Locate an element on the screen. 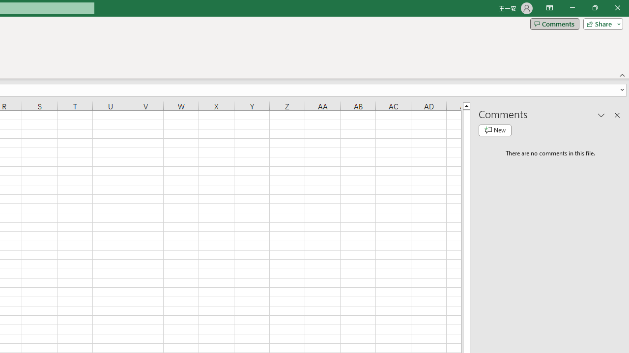 This screenshot has width=629, height=353. 'New comment' is located at coordinates (495, 130).